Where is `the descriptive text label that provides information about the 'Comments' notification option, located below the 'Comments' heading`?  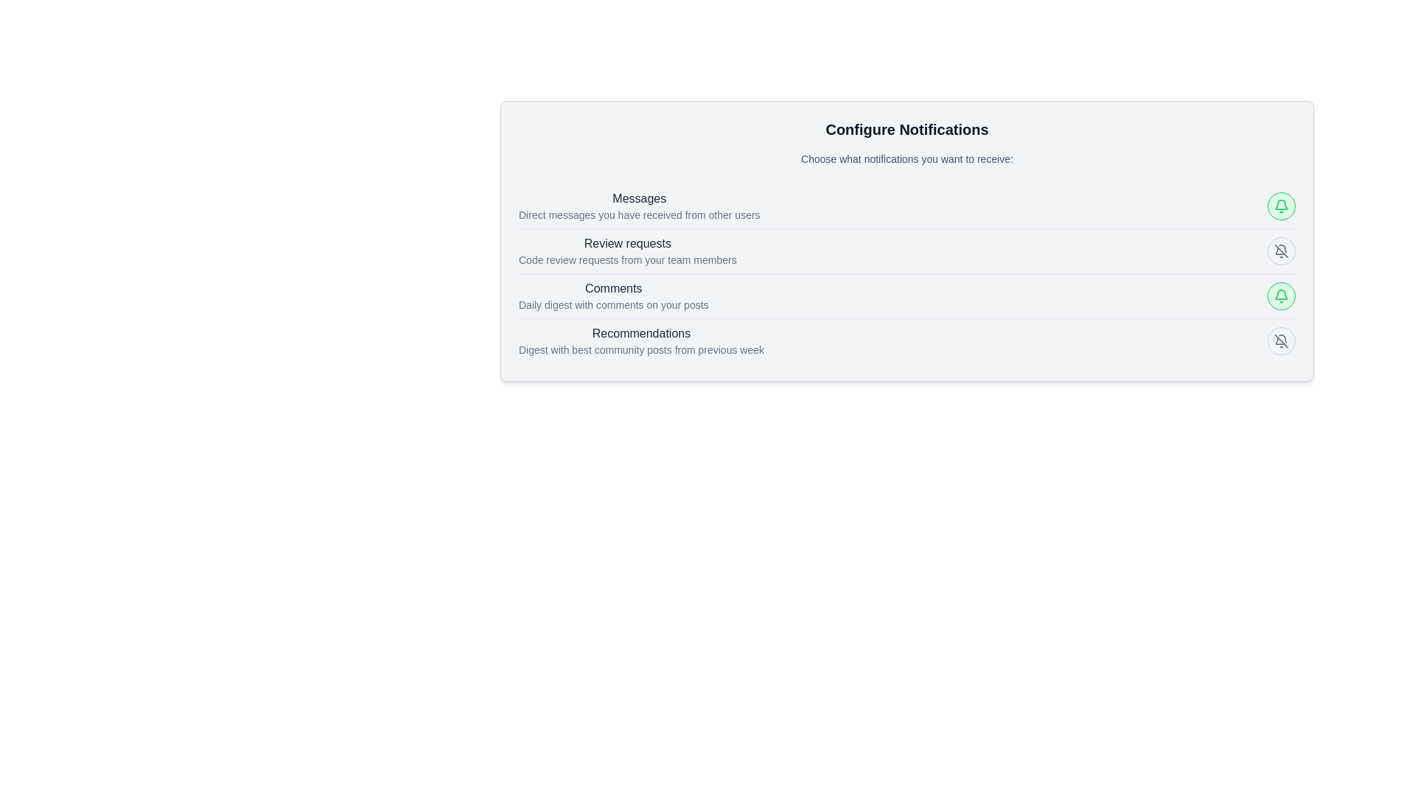
the descriptive text label that provides information about the 'Comments' notification option, located below the 'Comments' heading is located at coordinates (613, 304).